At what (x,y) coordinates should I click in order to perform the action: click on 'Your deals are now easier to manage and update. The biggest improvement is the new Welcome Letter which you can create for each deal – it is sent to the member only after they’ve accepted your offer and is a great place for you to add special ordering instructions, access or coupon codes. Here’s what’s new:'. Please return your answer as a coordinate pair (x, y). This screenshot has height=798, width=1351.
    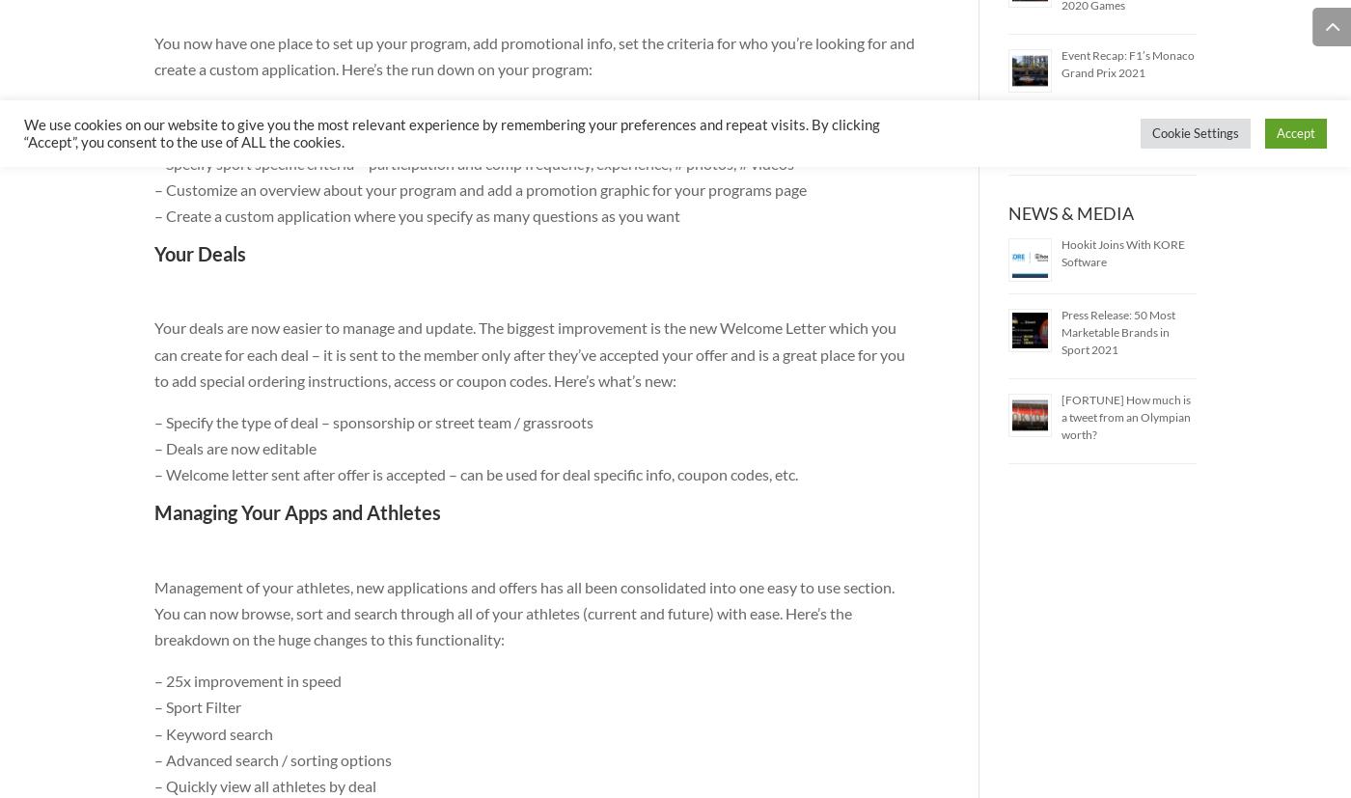
    Looking at the image, I should click on (529, 352).